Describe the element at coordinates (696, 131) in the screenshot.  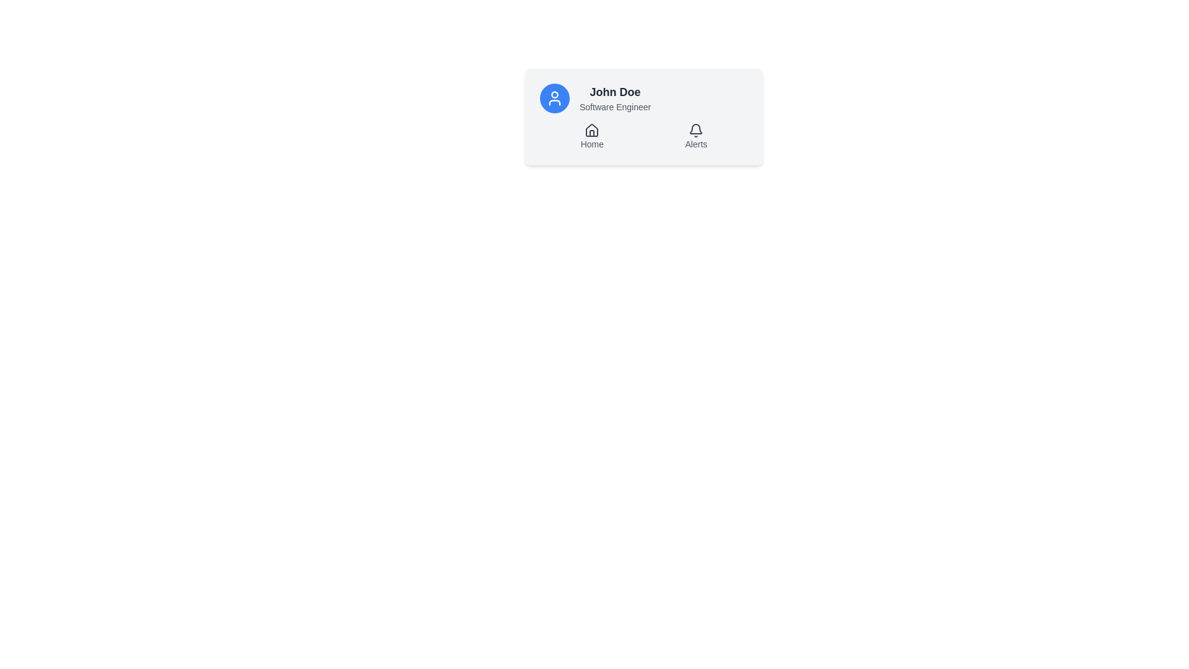
I see `the notifications icon located at the upper-right corner inside the user card` at that location.